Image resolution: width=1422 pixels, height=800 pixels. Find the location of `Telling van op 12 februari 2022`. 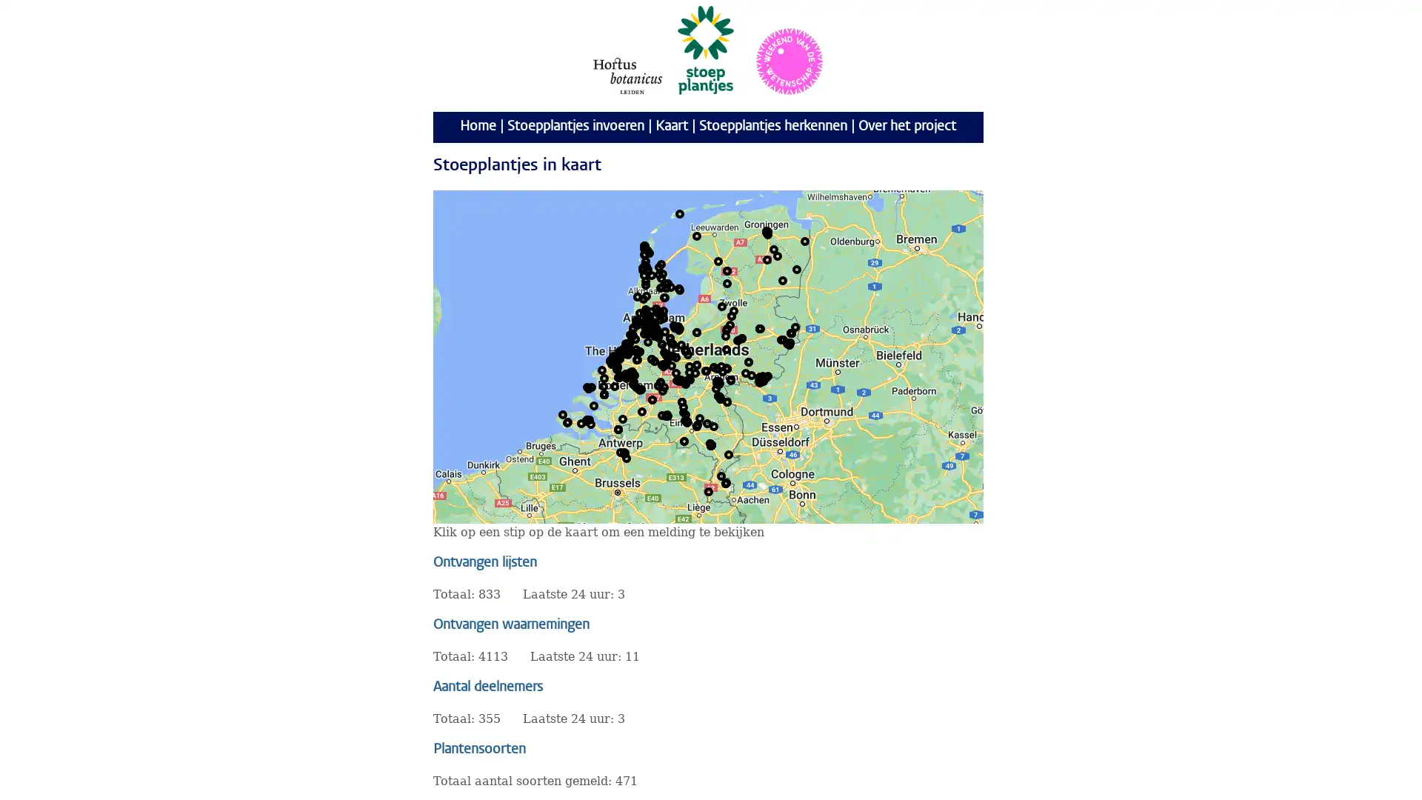

Telling van op 12 februari 2022 is located at coordinates (612, 362).